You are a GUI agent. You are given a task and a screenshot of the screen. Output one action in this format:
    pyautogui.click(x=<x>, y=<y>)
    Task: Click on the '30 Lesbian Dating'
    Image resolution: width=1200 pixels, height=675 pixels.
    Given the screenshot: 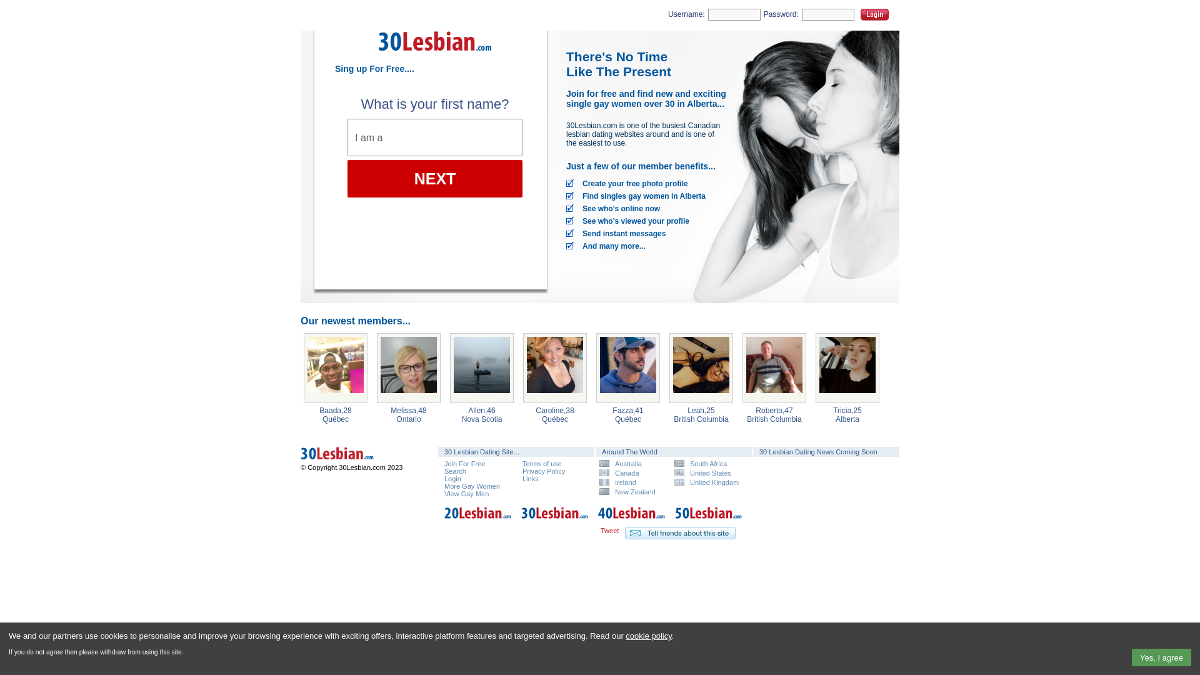 What is the action you would take?
    pyautogui.click(x=554, y=520)
    